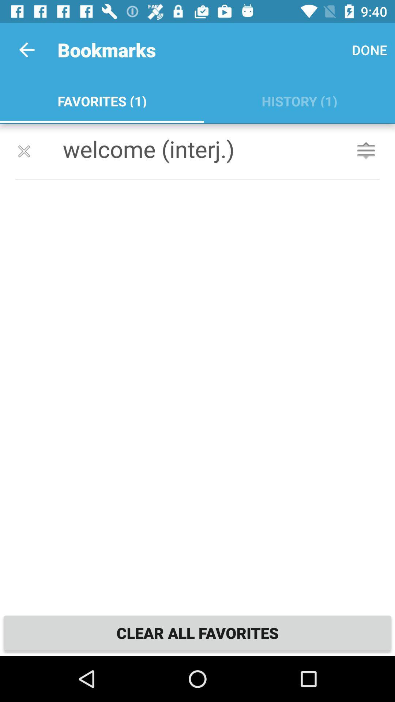 The height and width of the screenshot is (702, 395). What do you see at coordinates (299, 99) in the screenshot?
I see `app next to the favorites (1)` at bounding box center [299, 99].